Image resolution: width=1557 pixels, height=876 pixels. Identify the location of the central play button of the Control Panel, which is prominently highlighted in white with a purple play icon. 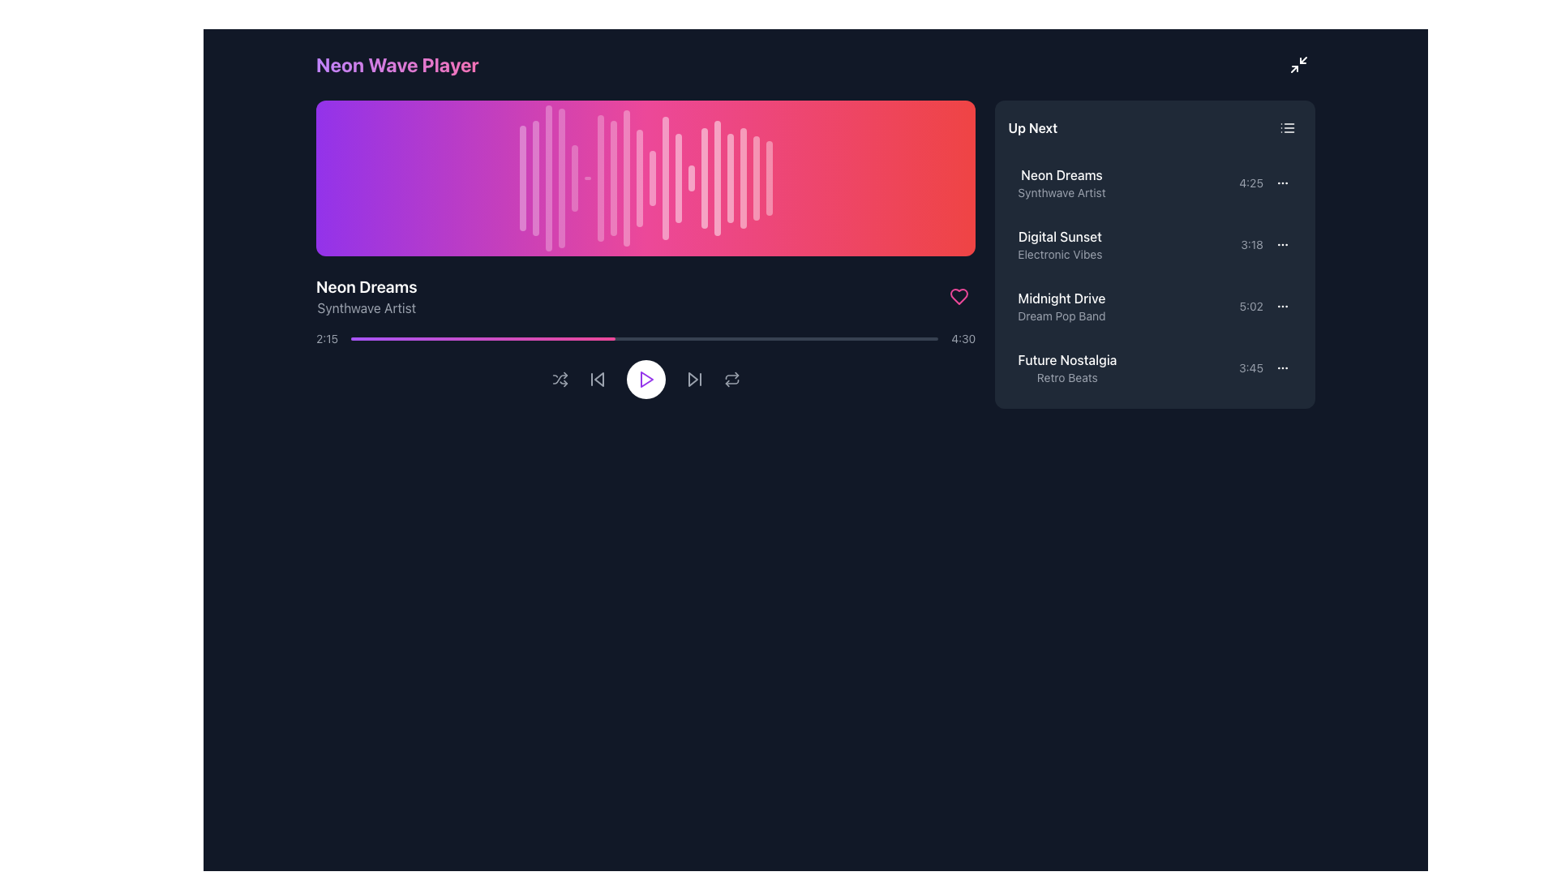
(645, 365).